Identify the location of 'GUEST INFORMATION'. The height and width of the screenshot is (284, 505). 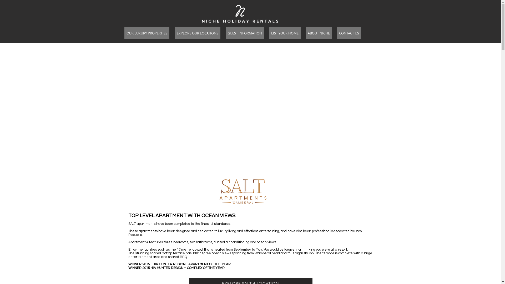
(245, 33).